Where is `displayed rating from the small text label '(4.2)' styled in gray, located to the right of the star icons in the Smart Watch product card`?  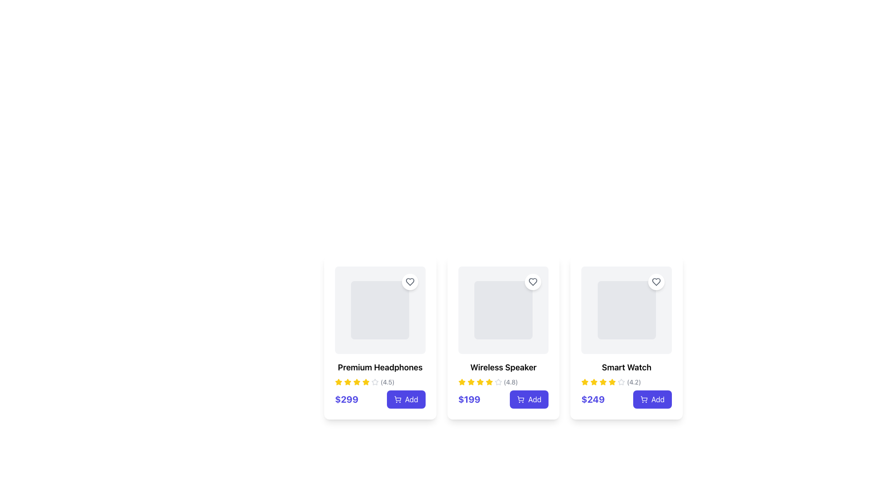 displayed rating from the small text label '(4.2)' styled in gray, located to the right of the star icons in the Smart Watch product card is located at coordinates (633, 382).